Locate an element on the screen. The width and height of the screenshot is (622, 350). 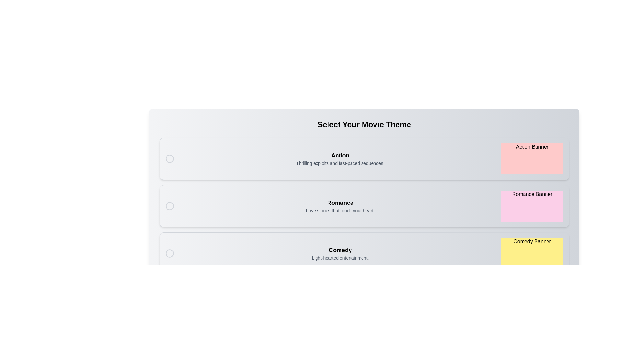
the radio button for the 'Comedy' movie theme located at the bottom-most section labeled 'Comedy', adjacent to the text 'Comedy Light-hearted entertainment' is located at coordinates (169, 253).